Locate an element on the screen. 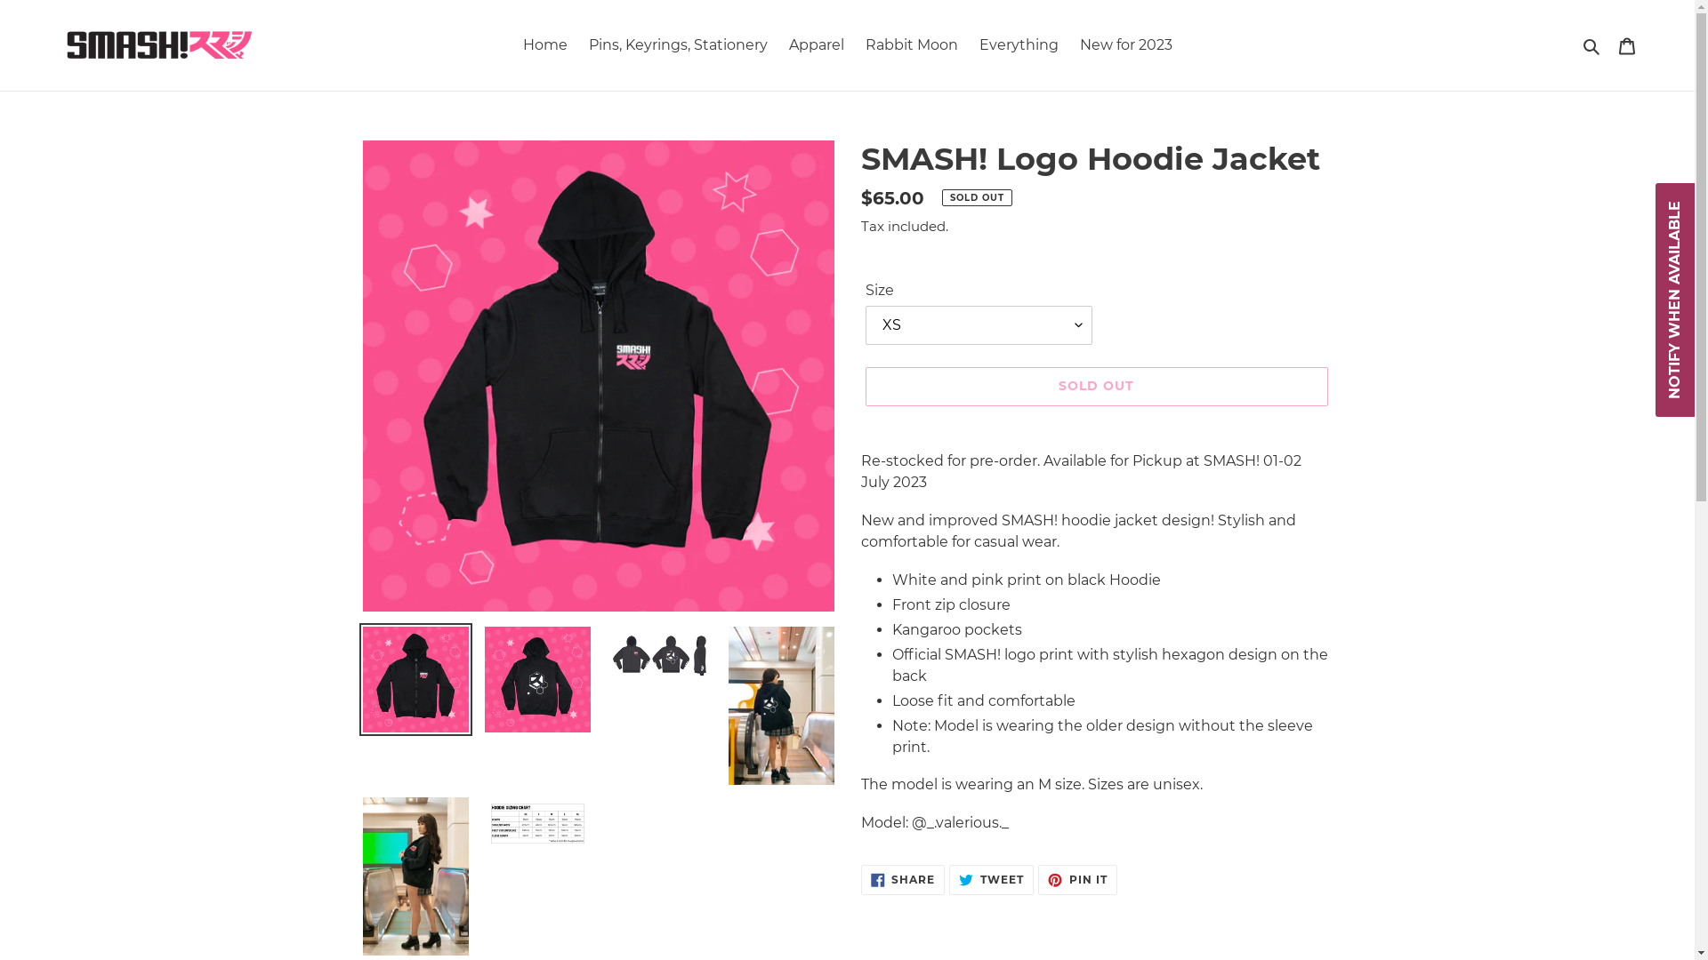 This screenshot has height=960, width=1708. 'SOLD OUT' is located at coordinates (1095, 385).